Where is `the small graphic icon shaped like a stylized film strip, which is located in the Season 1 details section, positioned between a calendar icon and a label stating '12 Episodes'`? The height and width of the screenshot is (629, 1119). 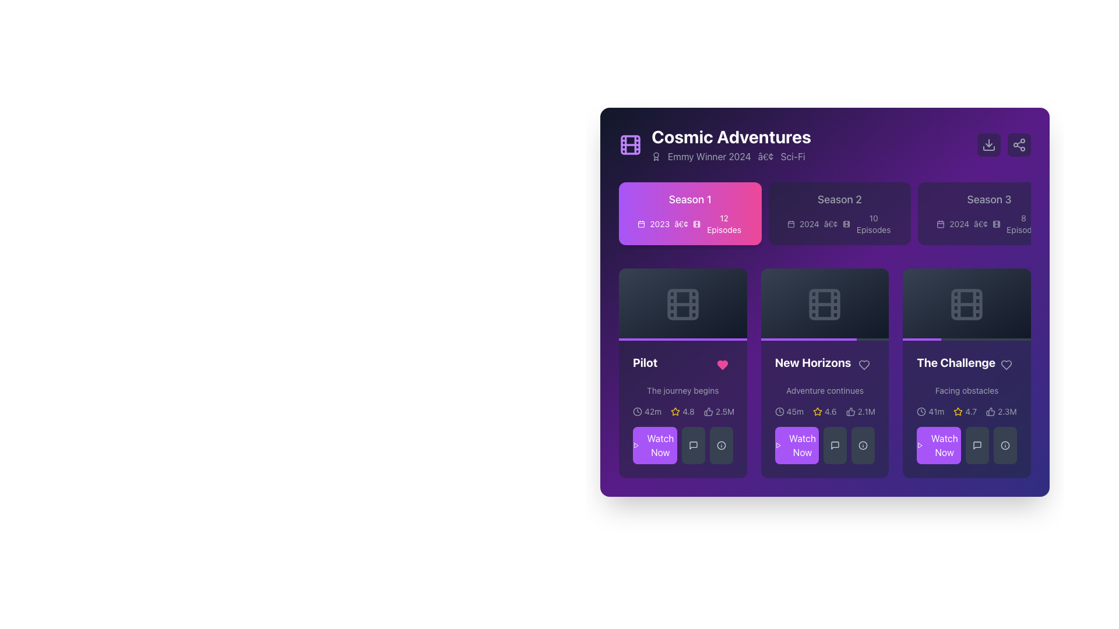
the small graphic icon shaped like a stylized film strip, which is located in the Season 1 details section, positioned between a calendar icon and a label stating '12 Episodes' is located at coordinates (696, 224).